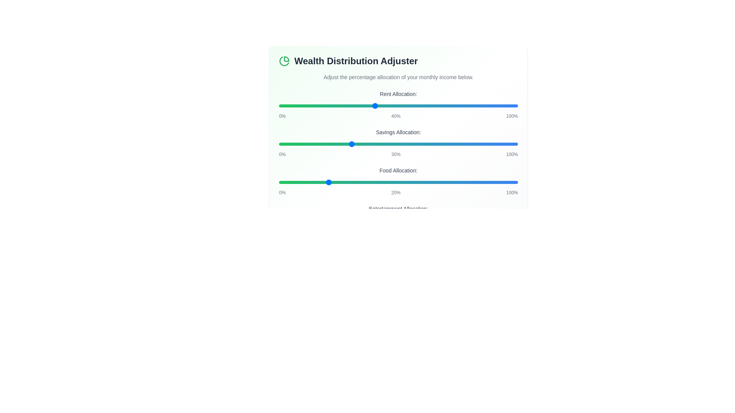 The image size is (735, 413). What do you see at coordinates (284, 60) in the screenshot?
I see `the PieChart icon to interact with it` at bounding box center [284, 60].